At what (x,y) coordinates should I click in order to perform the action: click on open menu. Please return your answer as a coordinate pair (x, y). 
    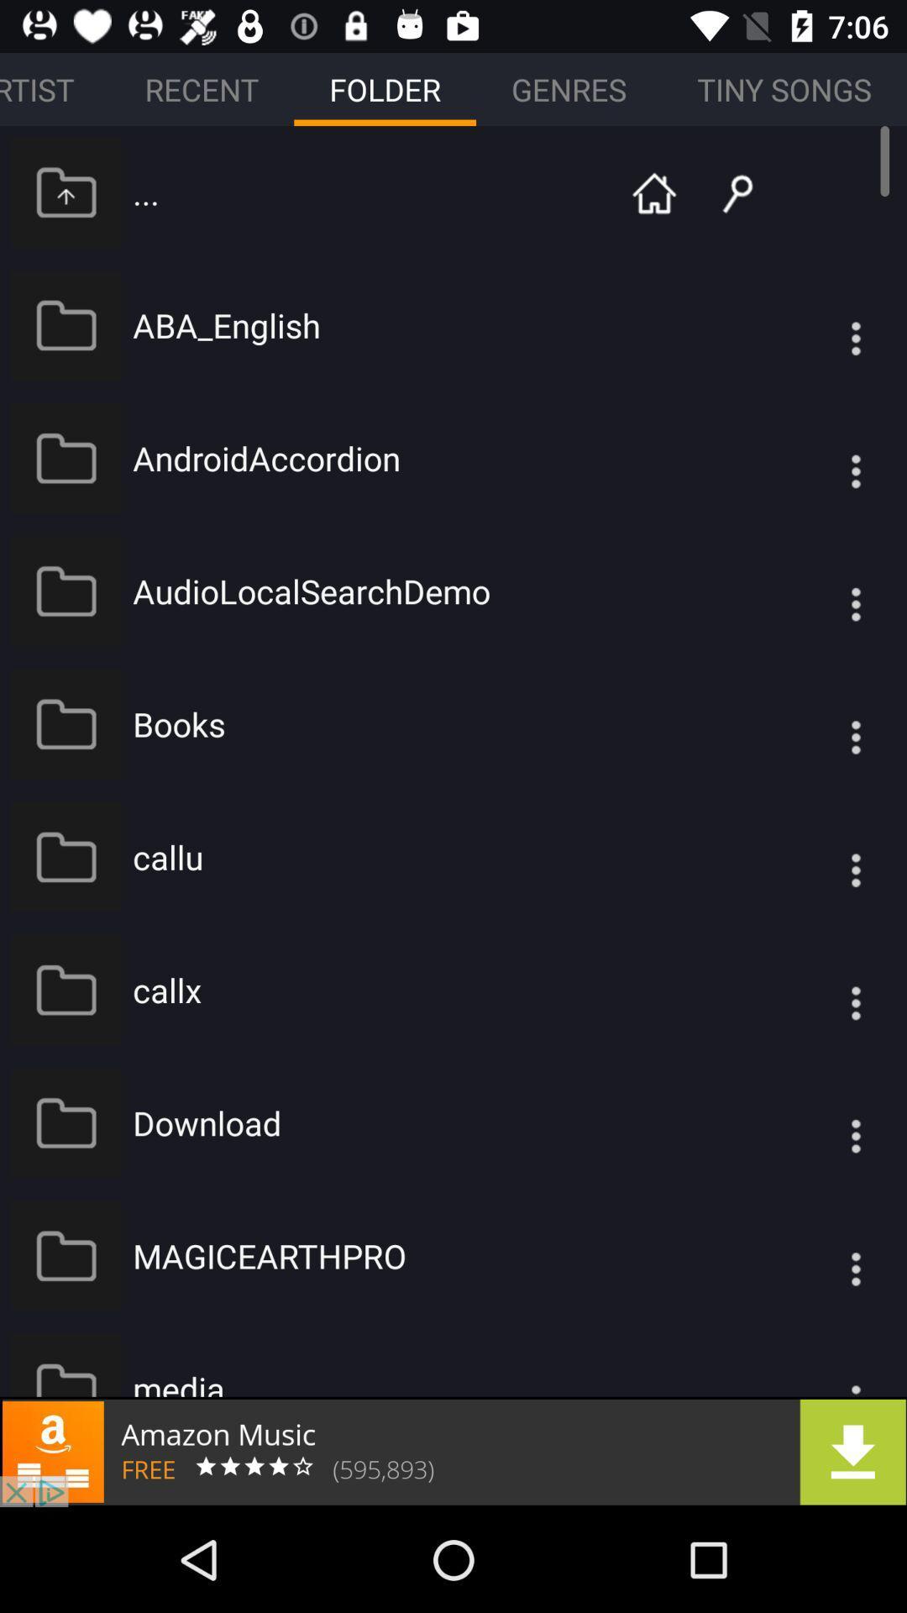
    Looking at the image, I should click on (821, 591).